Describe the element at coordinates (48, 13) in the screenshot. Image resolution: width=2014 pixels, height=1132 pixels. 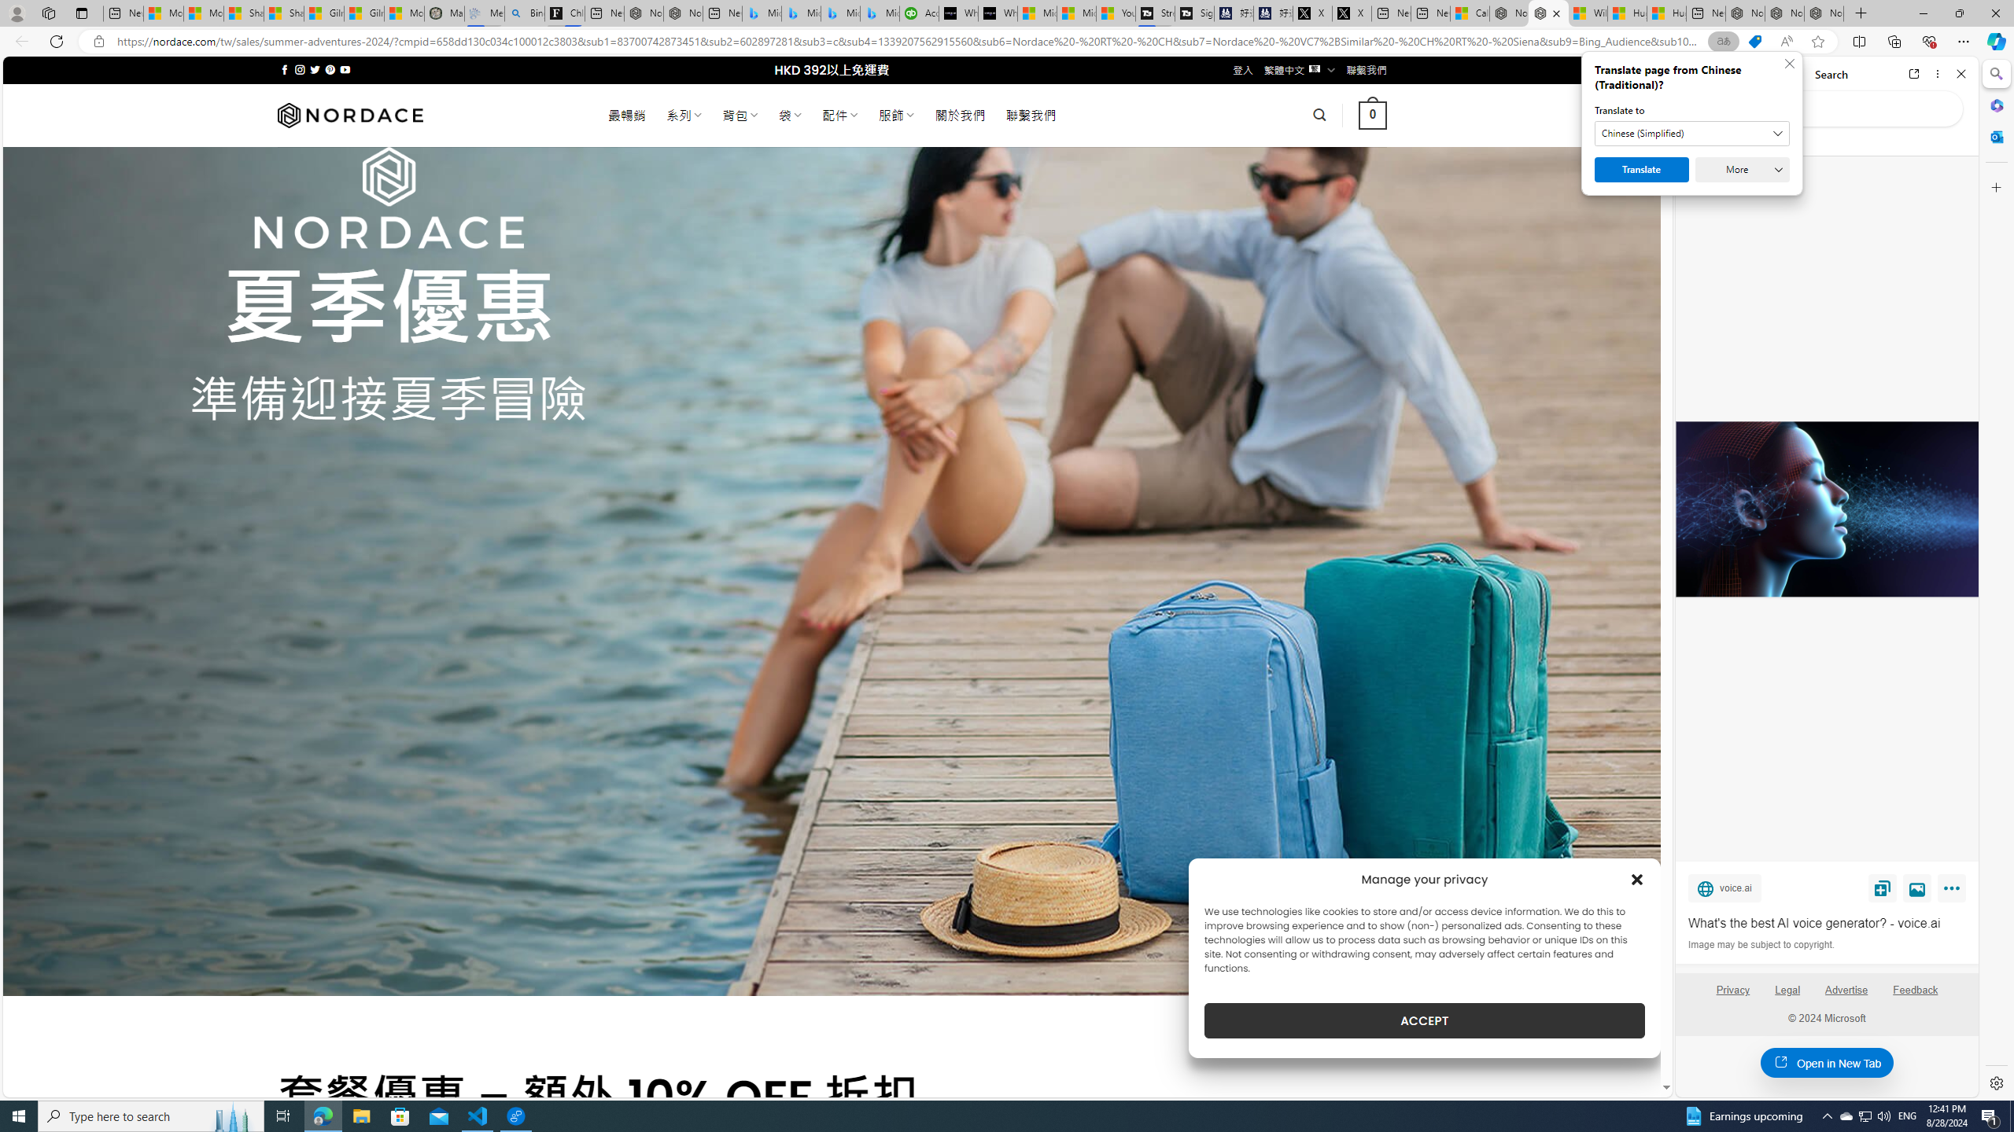
I see `'Workspaces'` at that location.